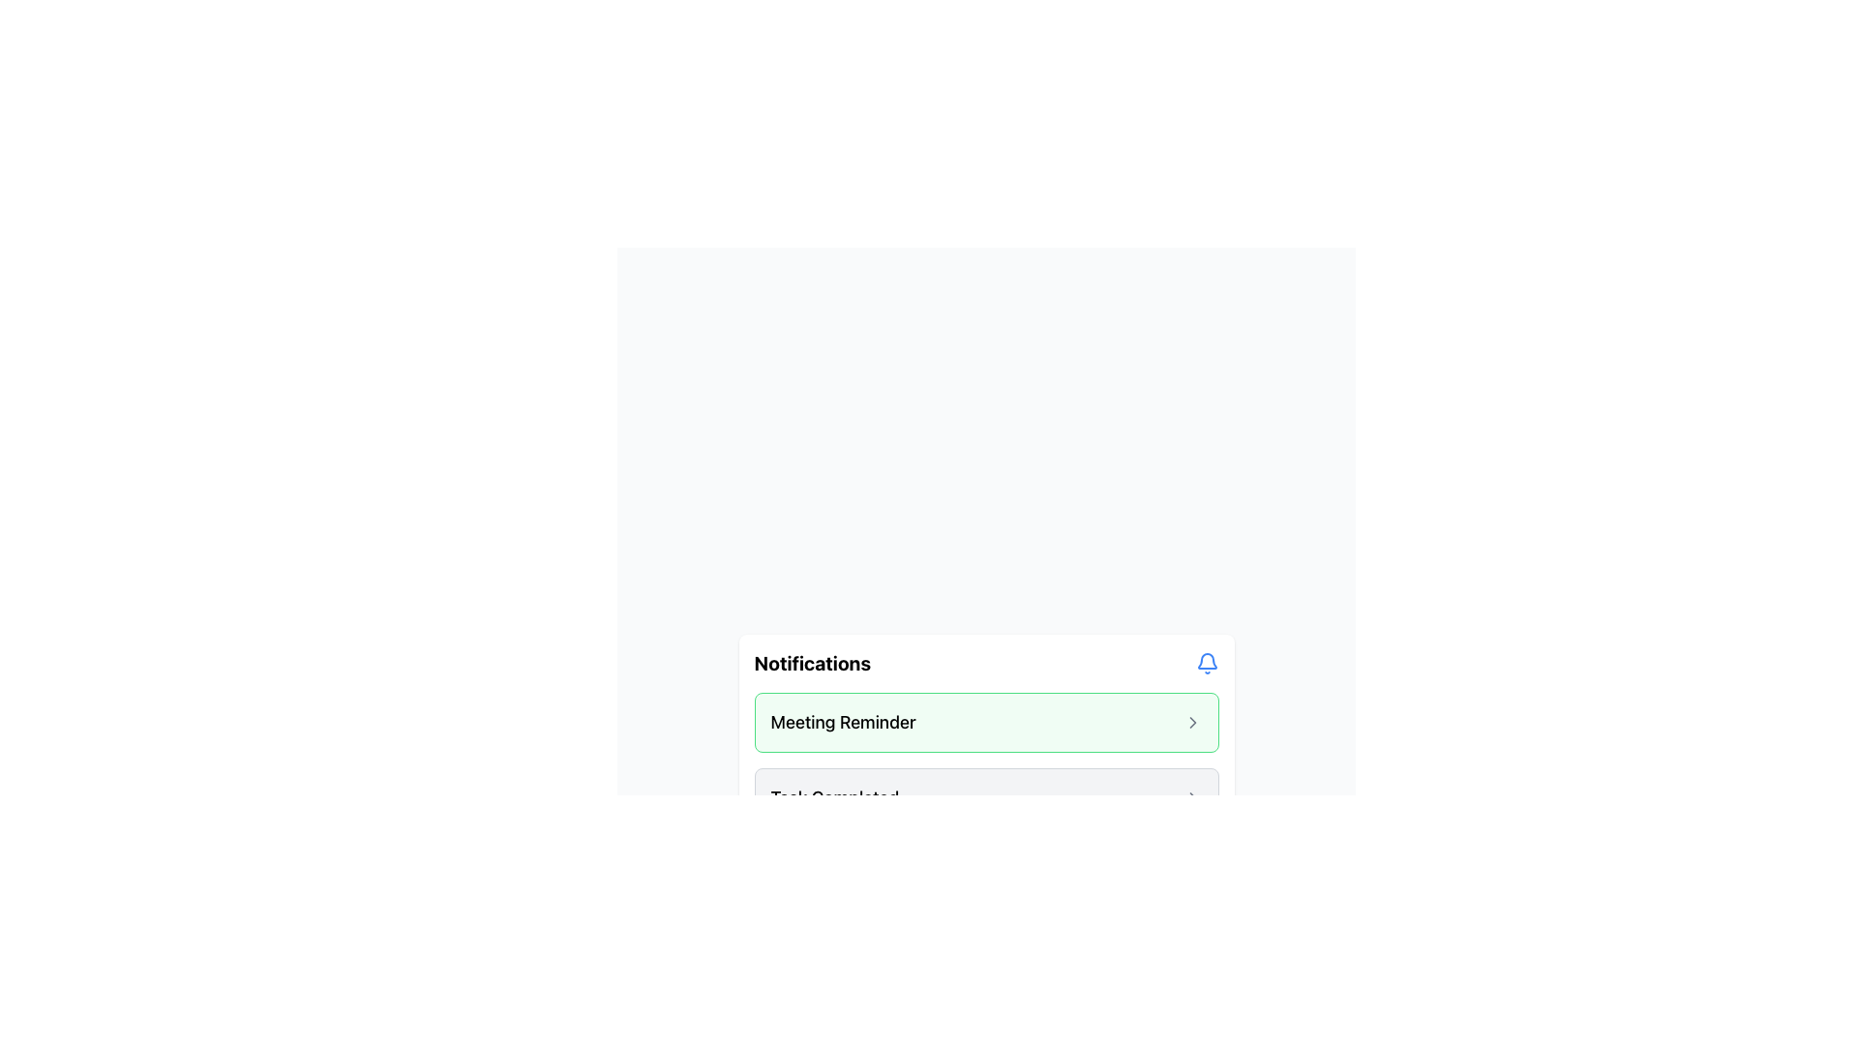  What do you see at coordinates (986, 723) in the screenshot?
I see `the notification item in the 'Notifications' section` at bounding box center [986, 723].